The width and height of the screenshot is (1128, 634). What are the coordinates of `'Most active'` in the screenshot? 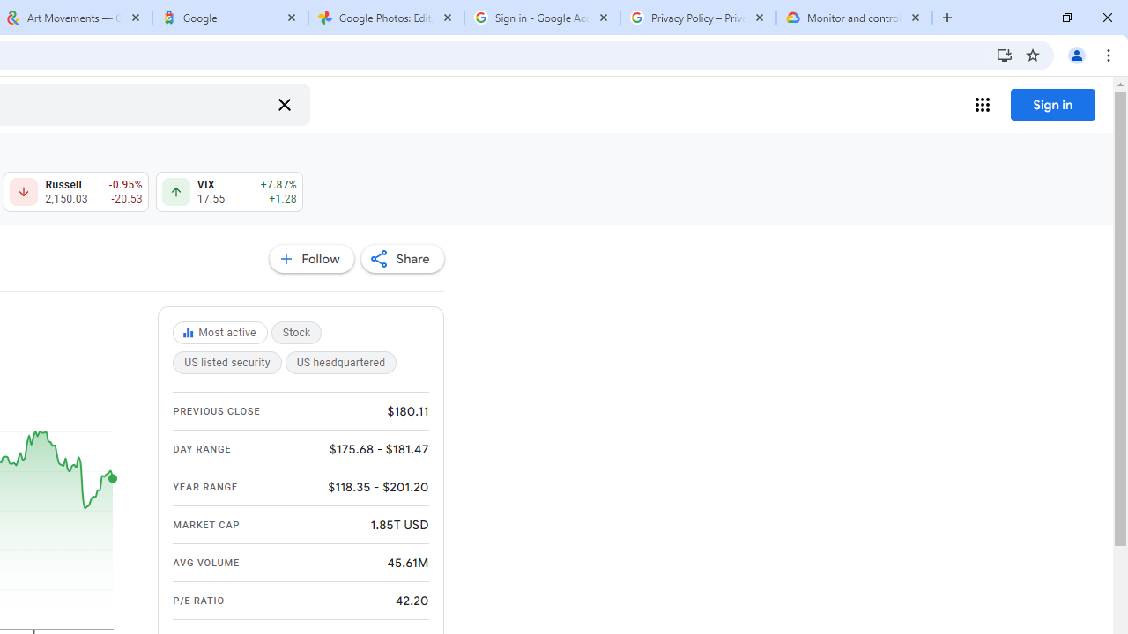 It's located at (221, 333).